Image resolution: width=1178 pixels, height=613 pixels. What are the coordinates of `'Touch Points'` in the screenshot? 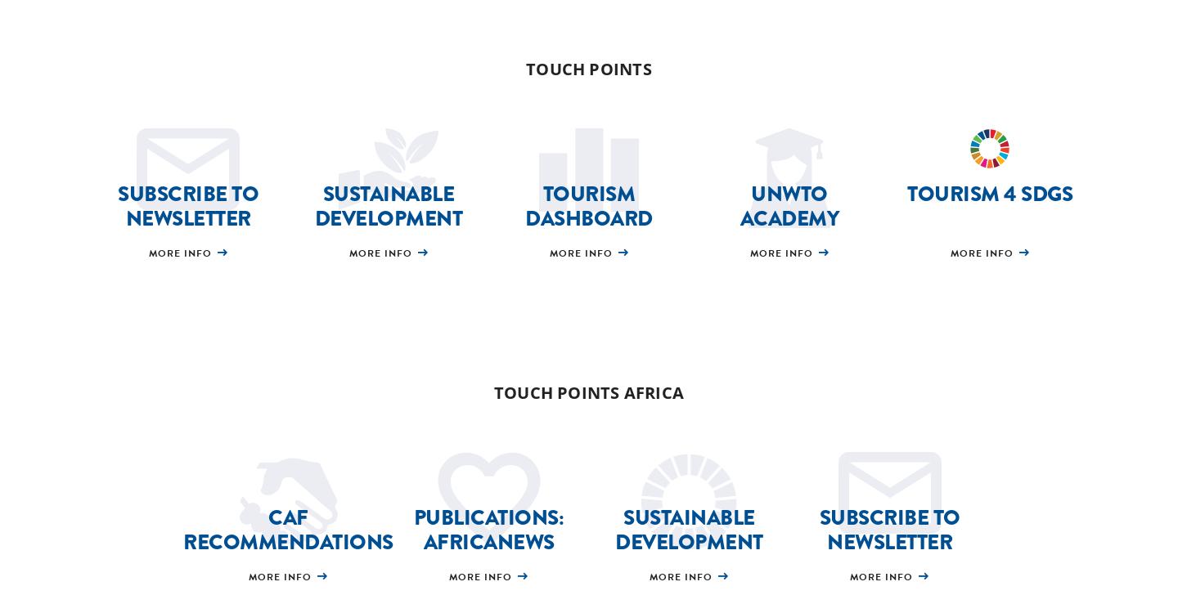 It's located at (524, 67).